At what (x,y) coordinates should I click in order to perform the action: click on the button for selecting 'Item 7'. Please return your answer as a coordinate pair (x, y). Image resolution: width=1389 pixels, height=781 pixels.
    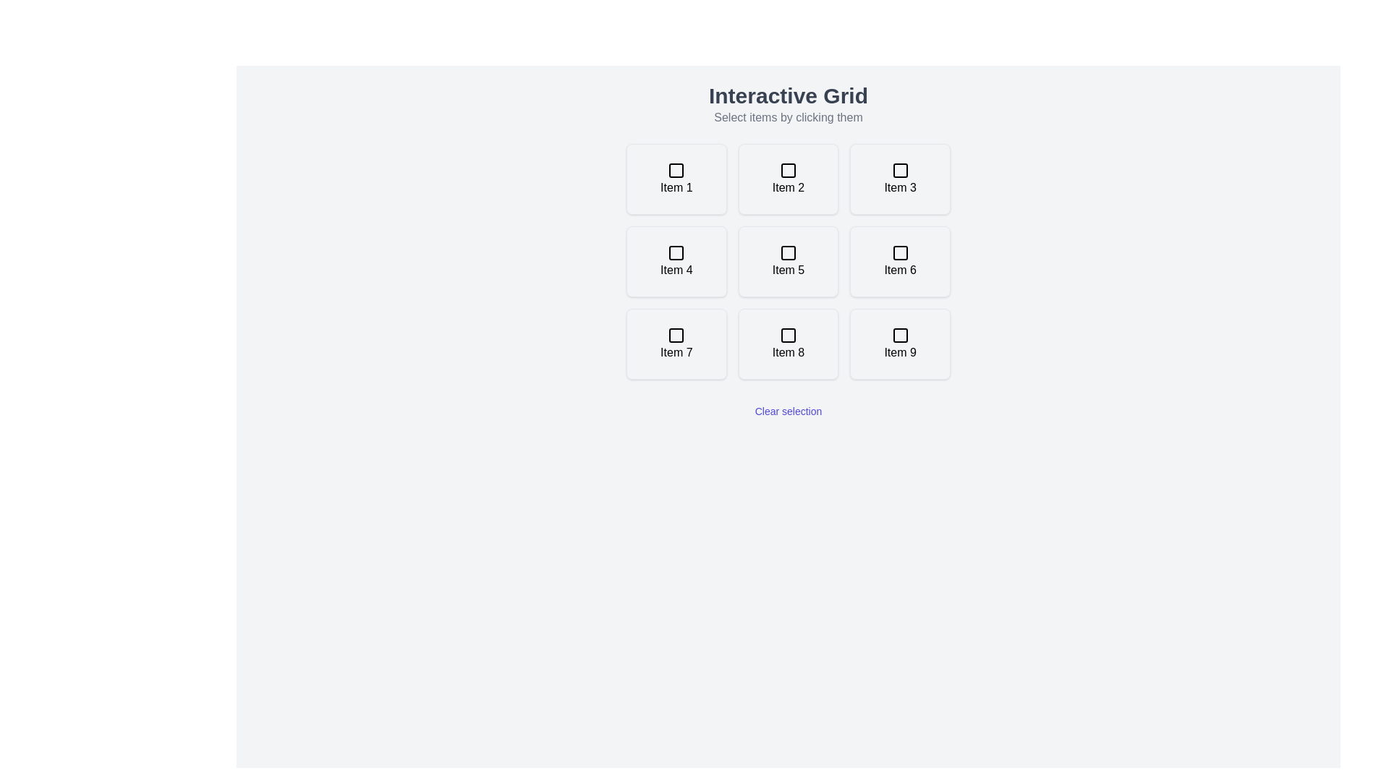
    Looking at the image, I should click on (676, 343).